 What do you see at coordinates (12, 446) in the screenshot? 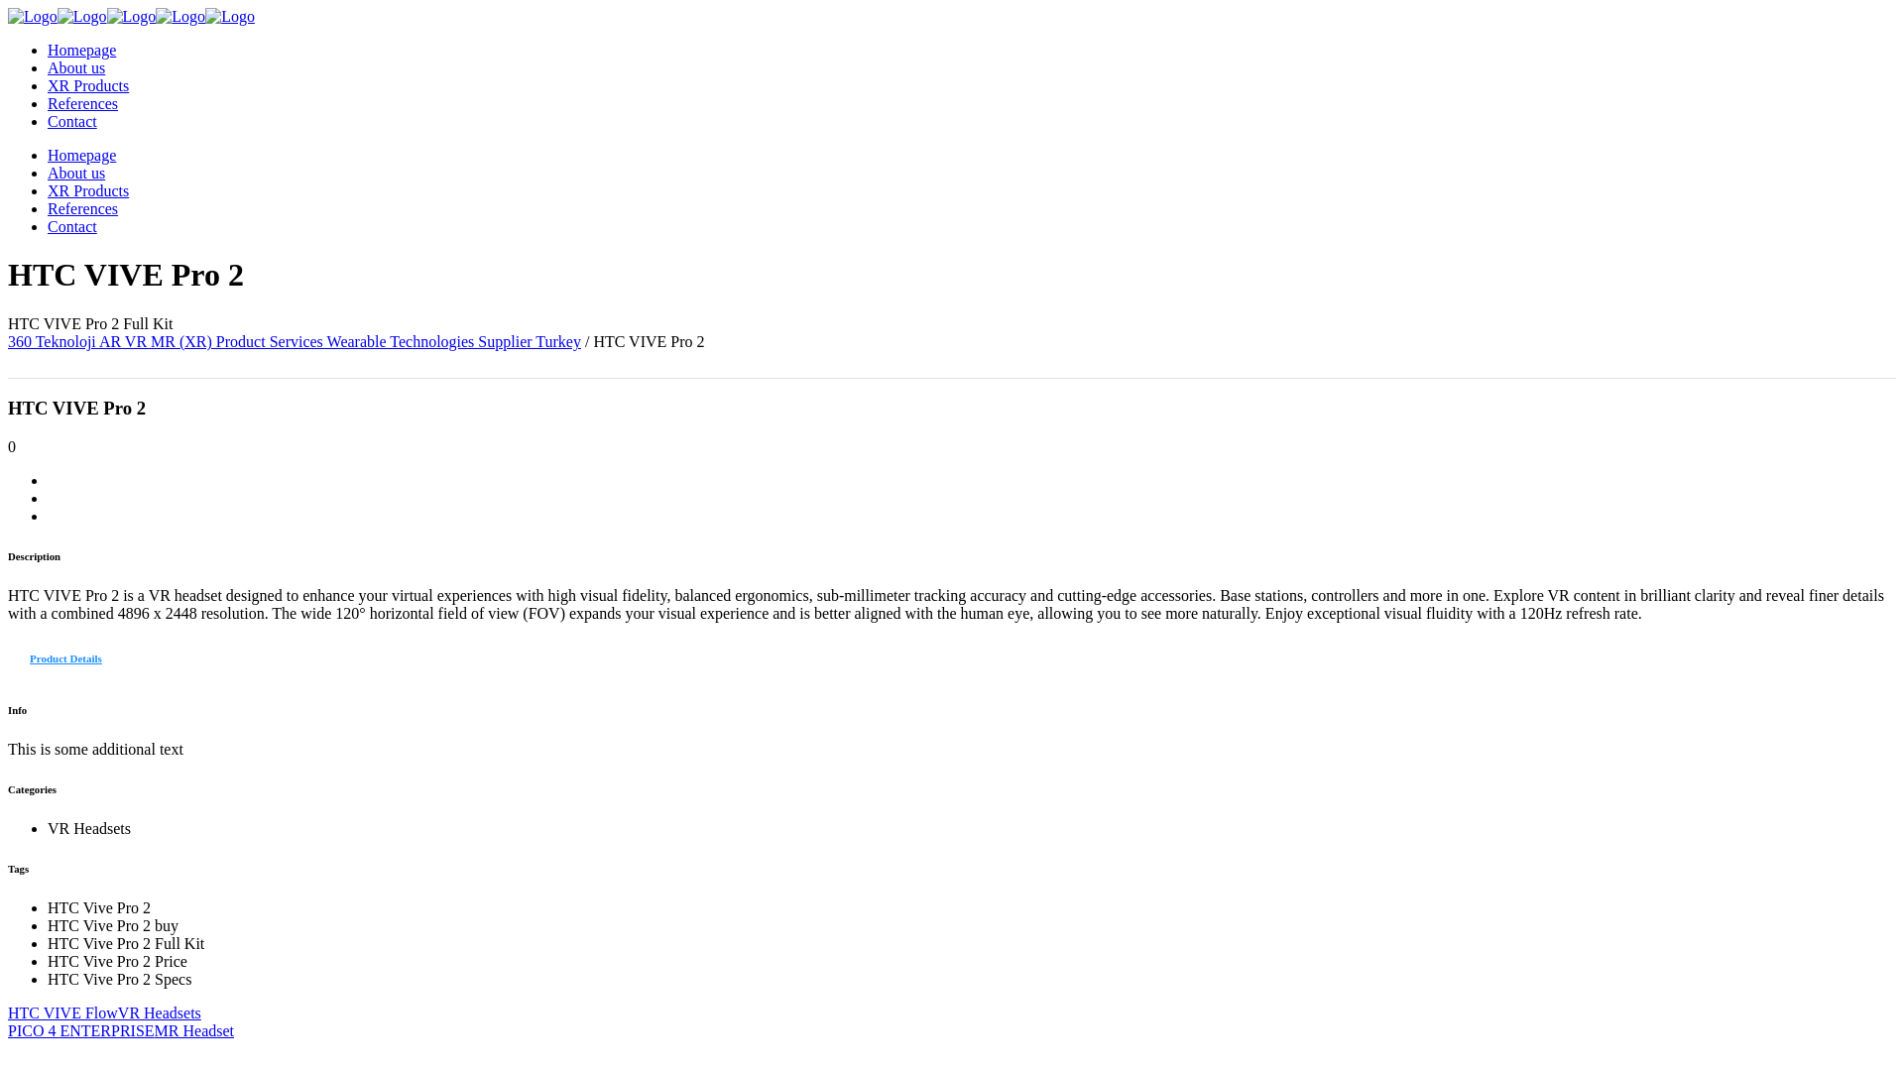
I see `'0'` at bounding box center [12, 446].